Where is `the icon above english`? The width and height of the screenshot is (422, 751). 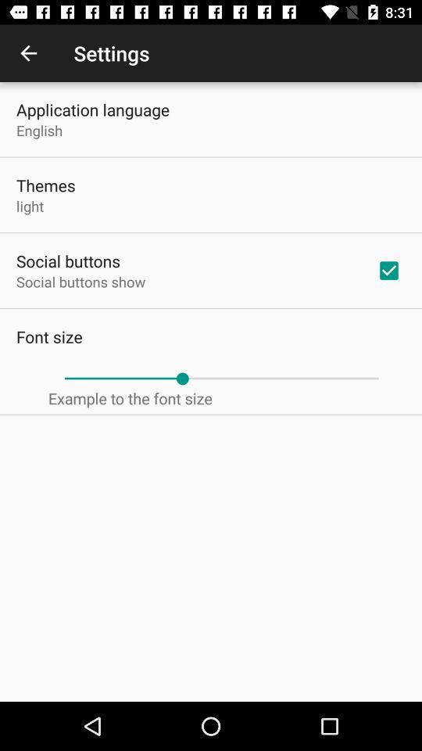
the icon above english is located at coordinates (93, 109).